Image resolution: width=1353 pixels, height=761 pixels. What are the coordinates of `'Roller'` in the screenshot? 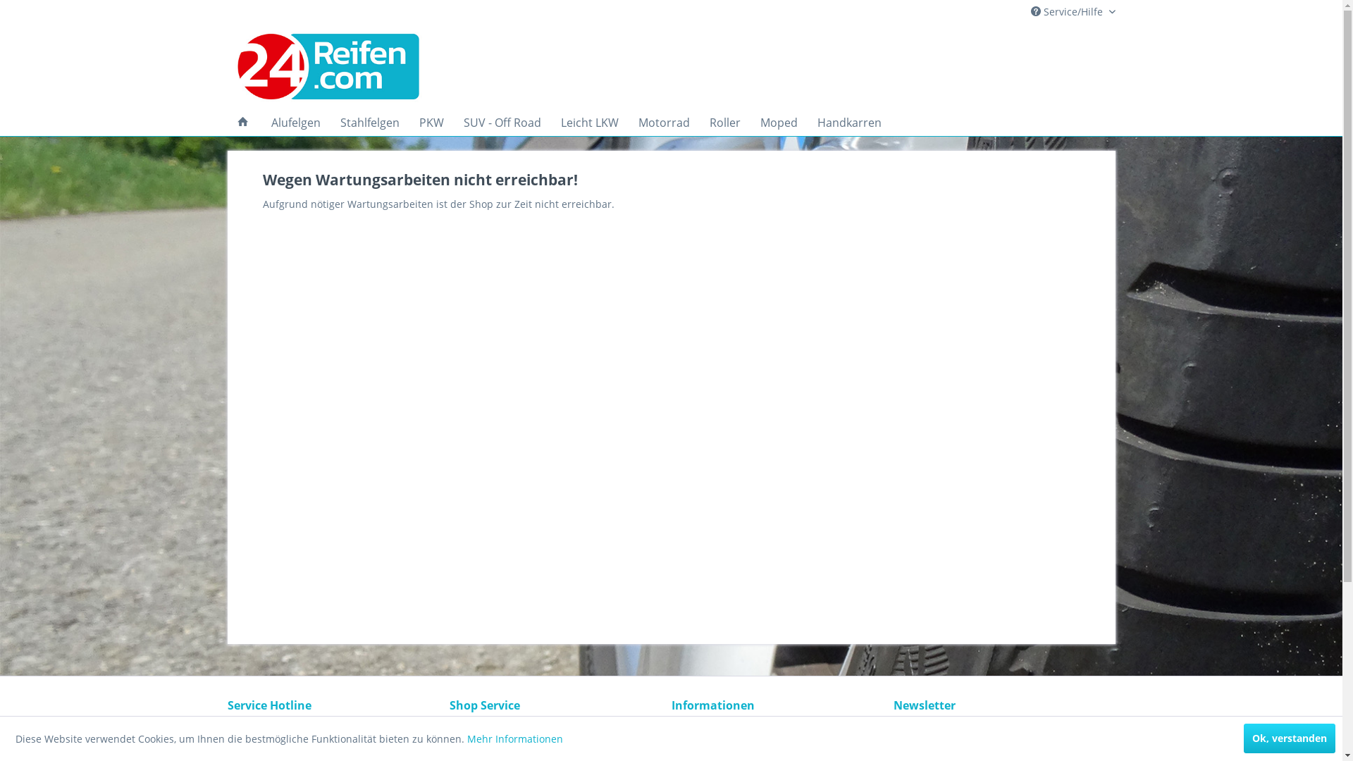 It's located at (724, 121).